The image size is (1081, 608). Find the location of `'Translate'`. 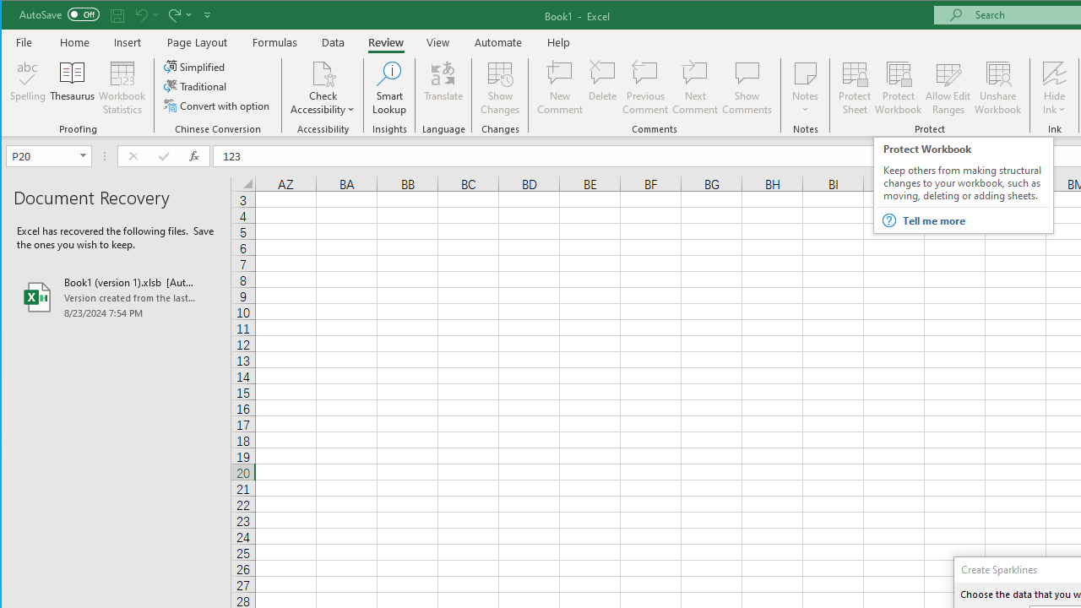

'Translate' is located at coordinates (443, 88).